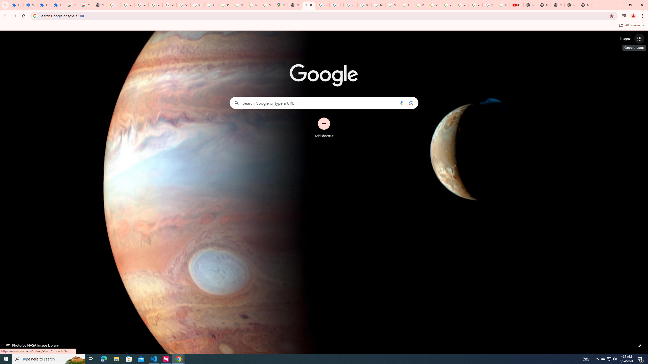 This screenshot has width=648, height=364. What do you see at coordinates (585, 5) in the screenshot?
I see `'New Tab'` at bounding box center [585, 5].